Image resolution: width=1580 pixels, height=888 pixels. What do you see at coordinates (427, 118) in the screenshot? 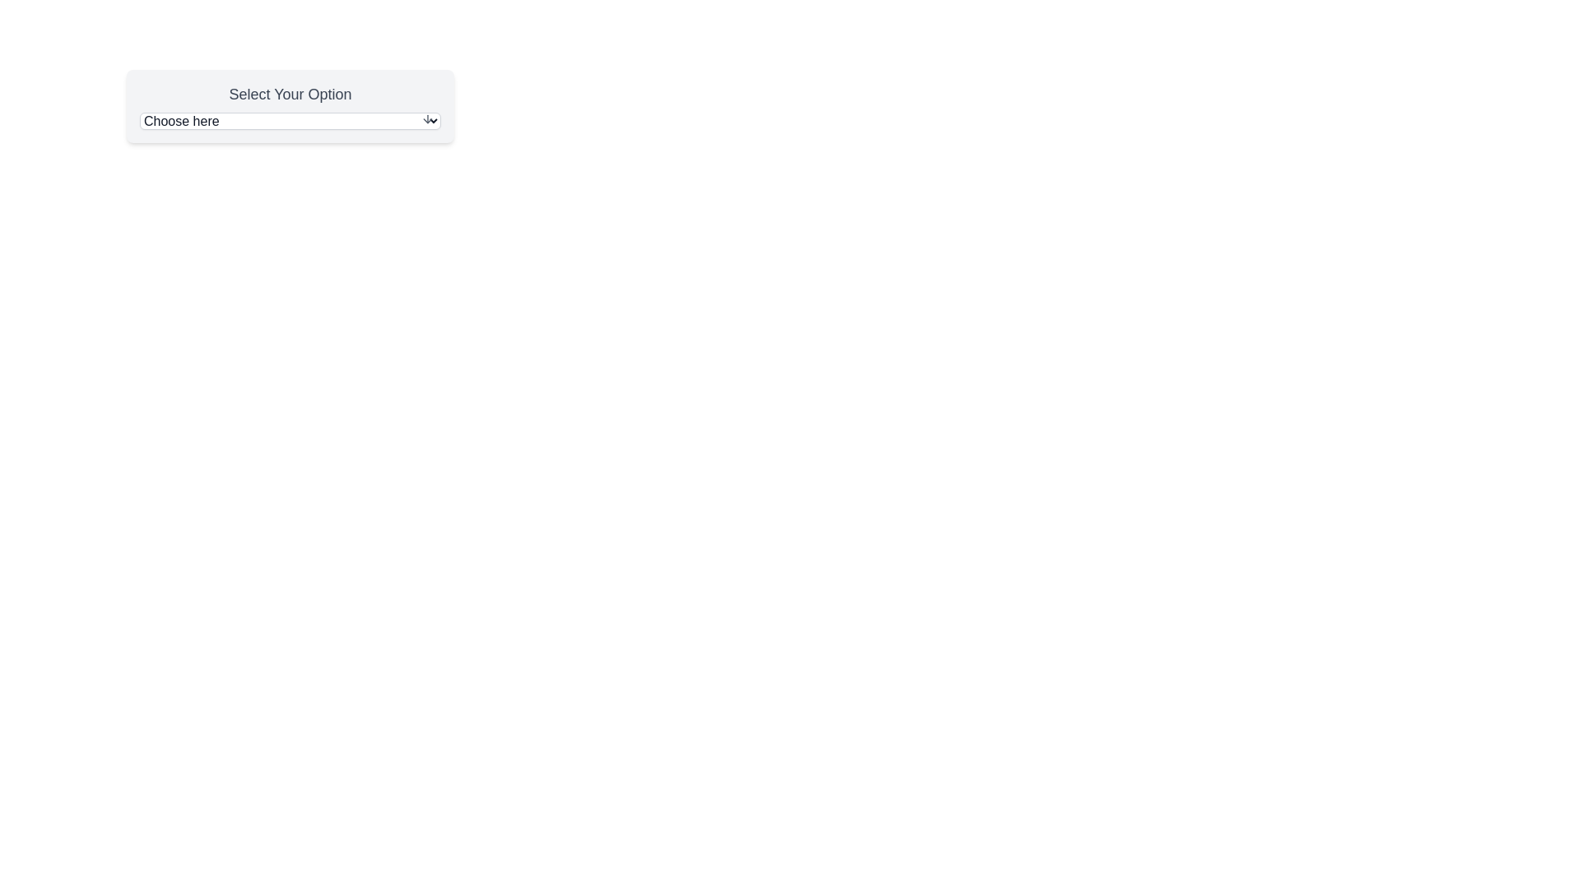
I see `the downward-pointing arrow icon located at the far-right side of the 'Choose here' input field` at bounding box center [427, 118].